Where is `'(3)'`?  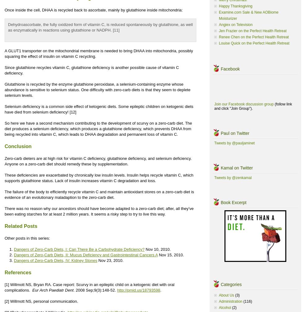
'(3)' is located at coordinates (237, 295).